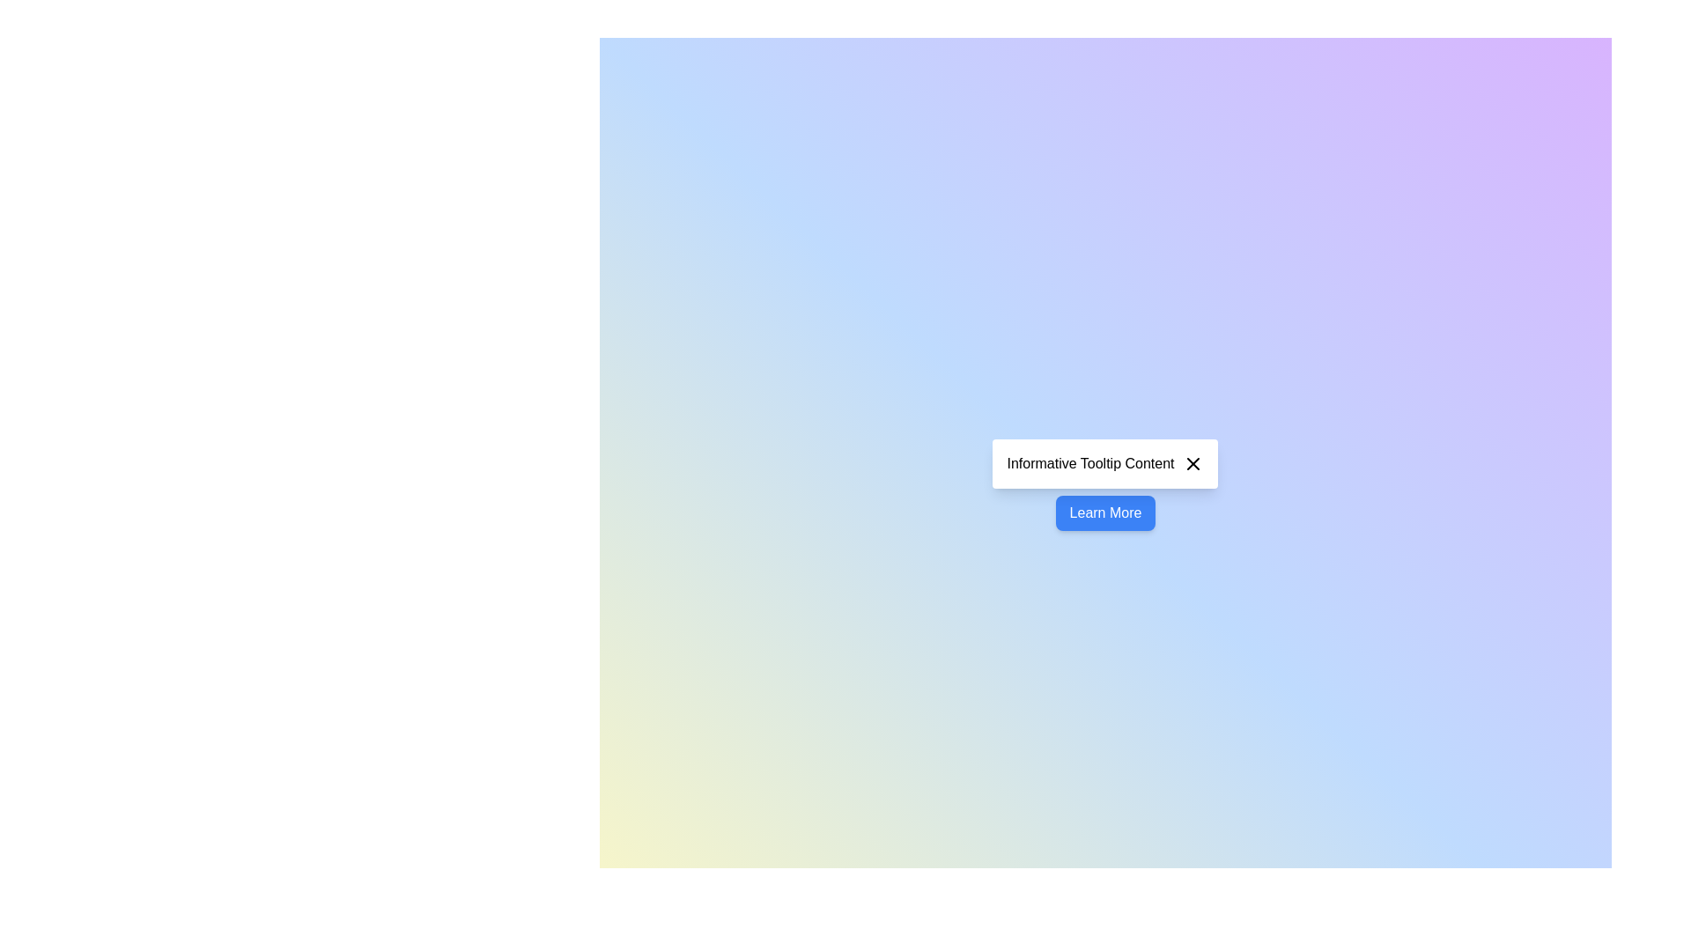  Describe the element at coordinates (1089, 463) in the screenshot. I see `the 'Informative Tooltip Content' text display` at that location.